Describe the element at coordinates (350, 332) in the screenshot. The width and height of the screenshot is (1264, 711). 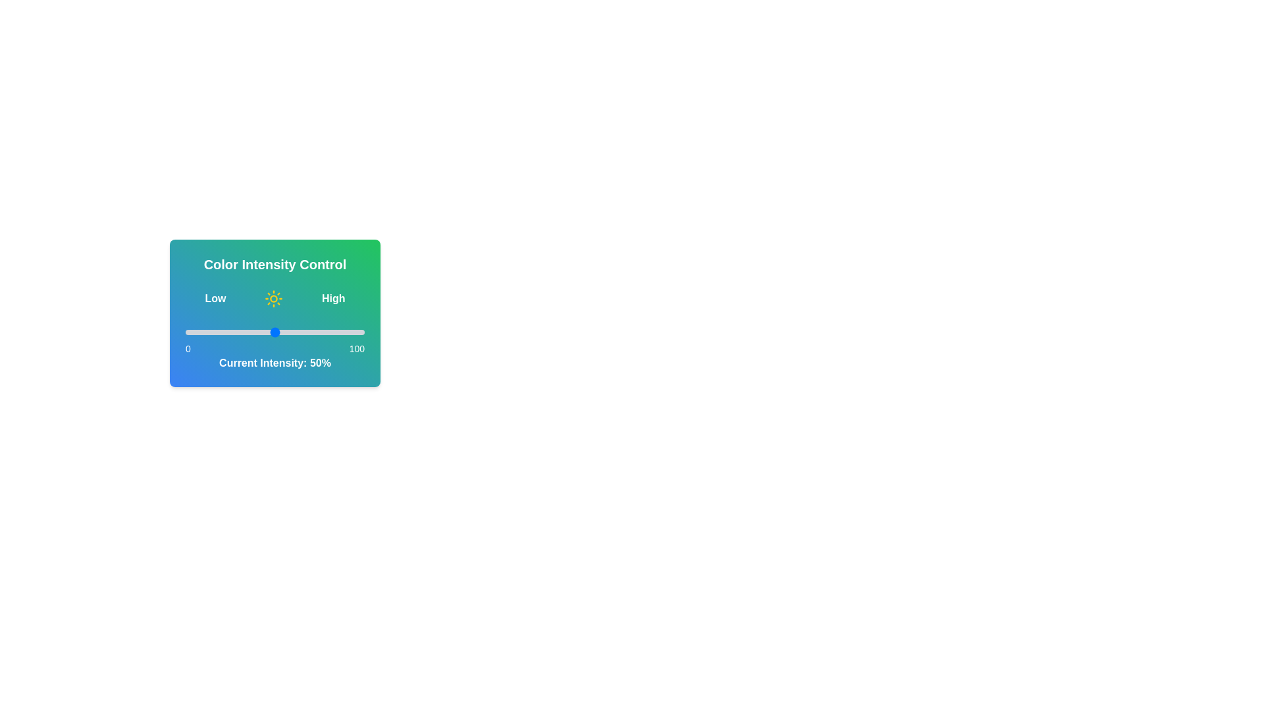
I see `the color intensity` at that location.